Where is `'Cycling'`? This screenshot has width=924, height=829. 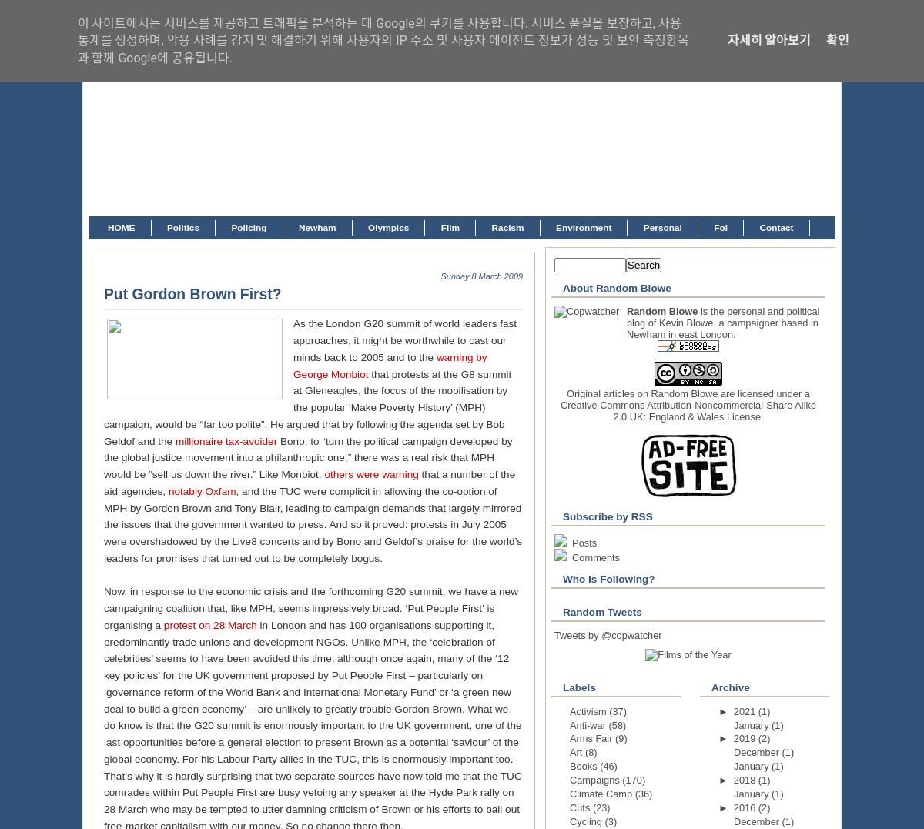 'Cycling' is located at coordinates (586, 821).